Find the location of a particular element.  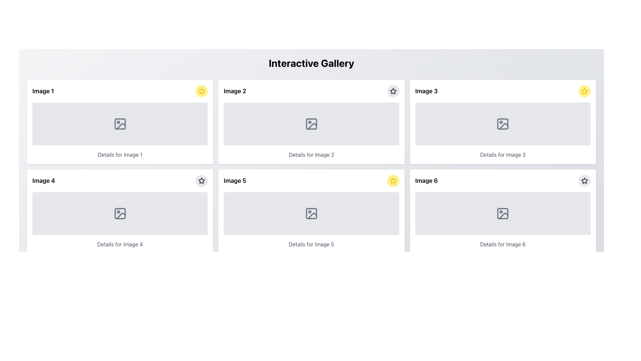

the text label that provides descriptive information for the associated image placeholder, located directly below the image placeholder within the fifth card of the grid layout in the second row and middle column is located at coordinates (311, 244).